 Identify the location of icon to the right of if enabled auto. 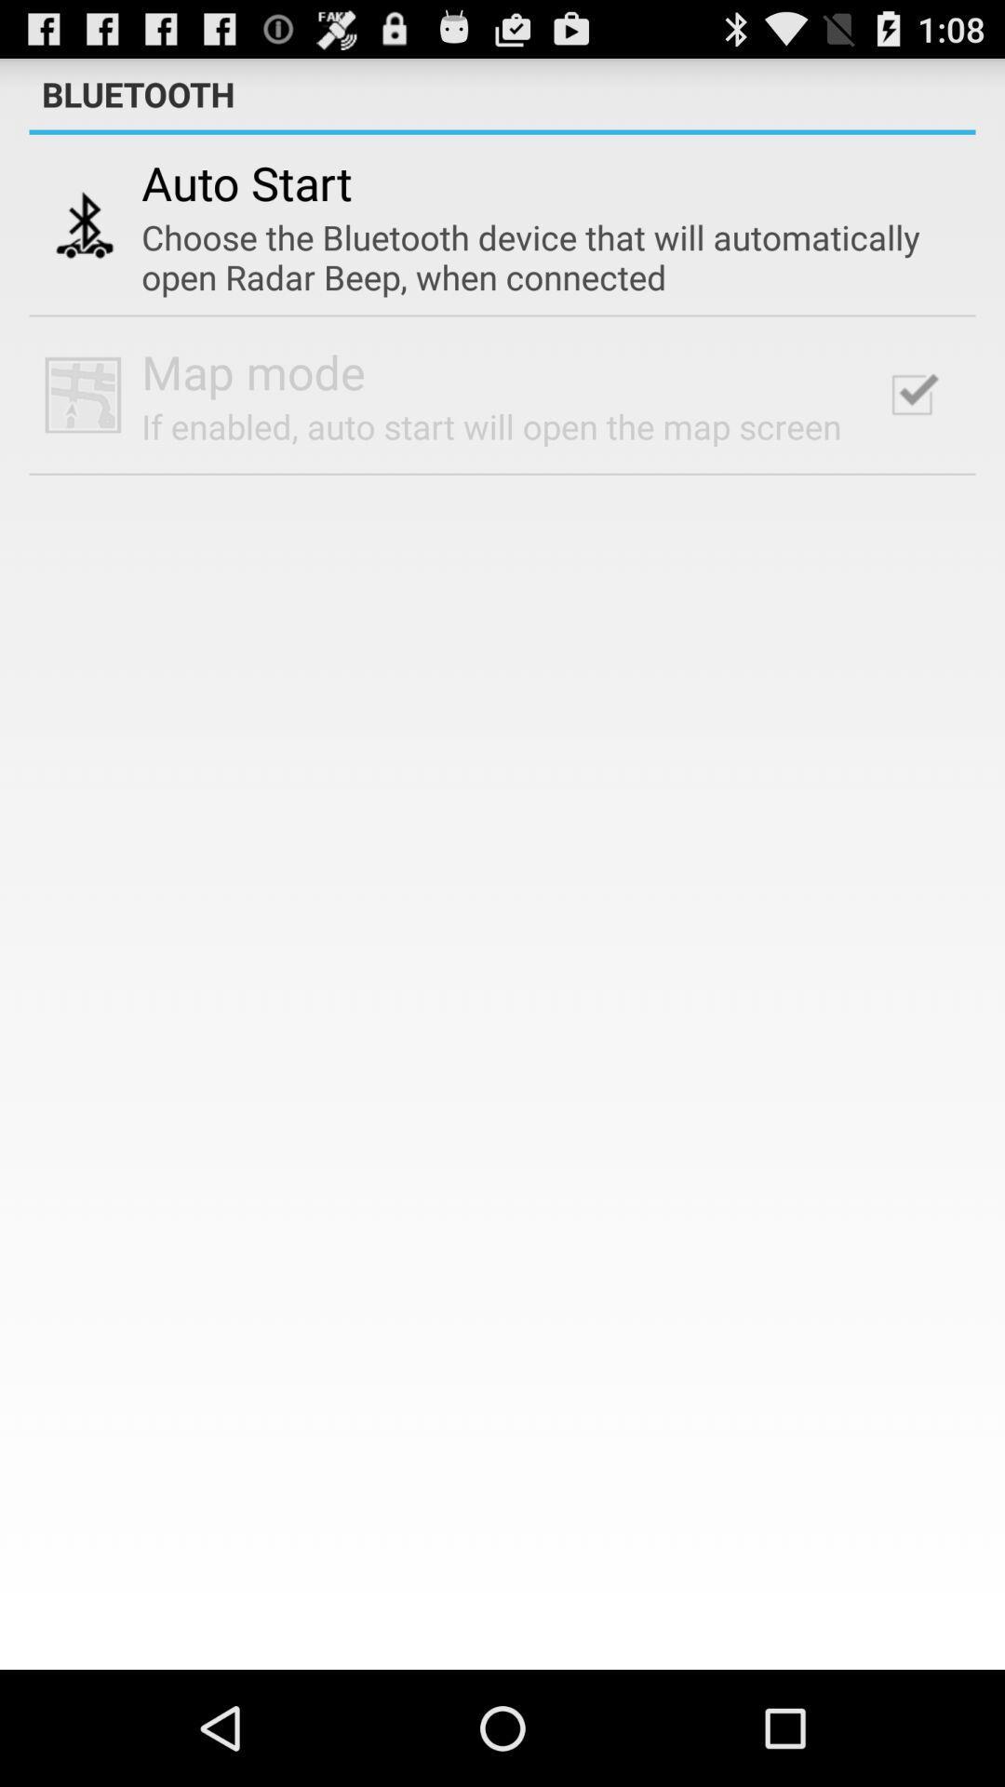
(911, 394).